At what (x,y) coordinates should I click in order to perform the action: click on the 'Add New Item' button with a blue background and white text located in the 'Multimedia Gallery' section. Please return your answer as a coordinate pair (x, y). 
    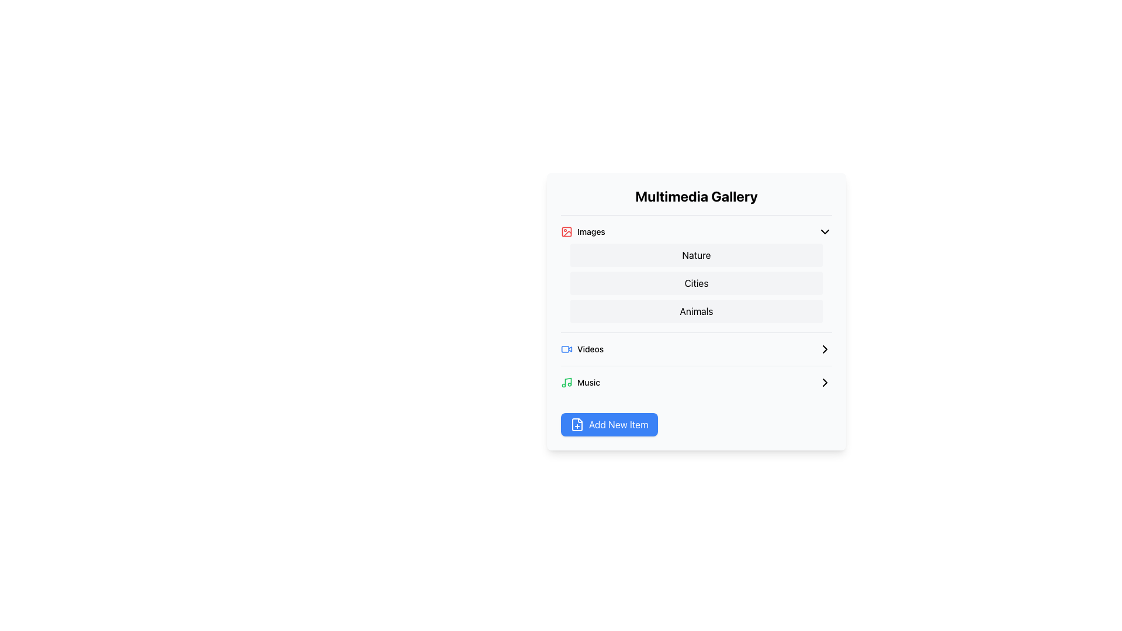
    Looking at the image, I should click on (608, 424).